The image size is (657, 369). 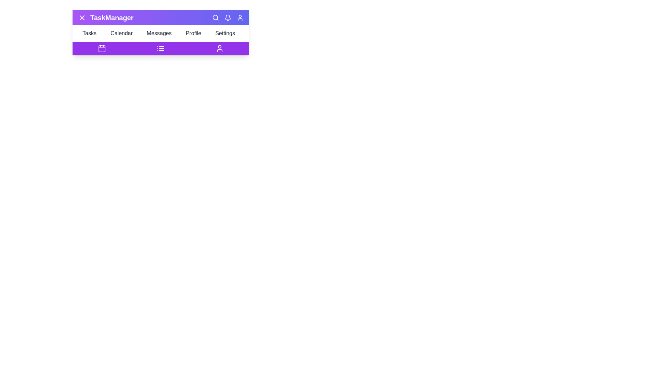 What do you see at coordinates (82, 17) in the screenshot?
I see `the menu button to toggle the visibility of the menu` at bounding box center [82, 17].